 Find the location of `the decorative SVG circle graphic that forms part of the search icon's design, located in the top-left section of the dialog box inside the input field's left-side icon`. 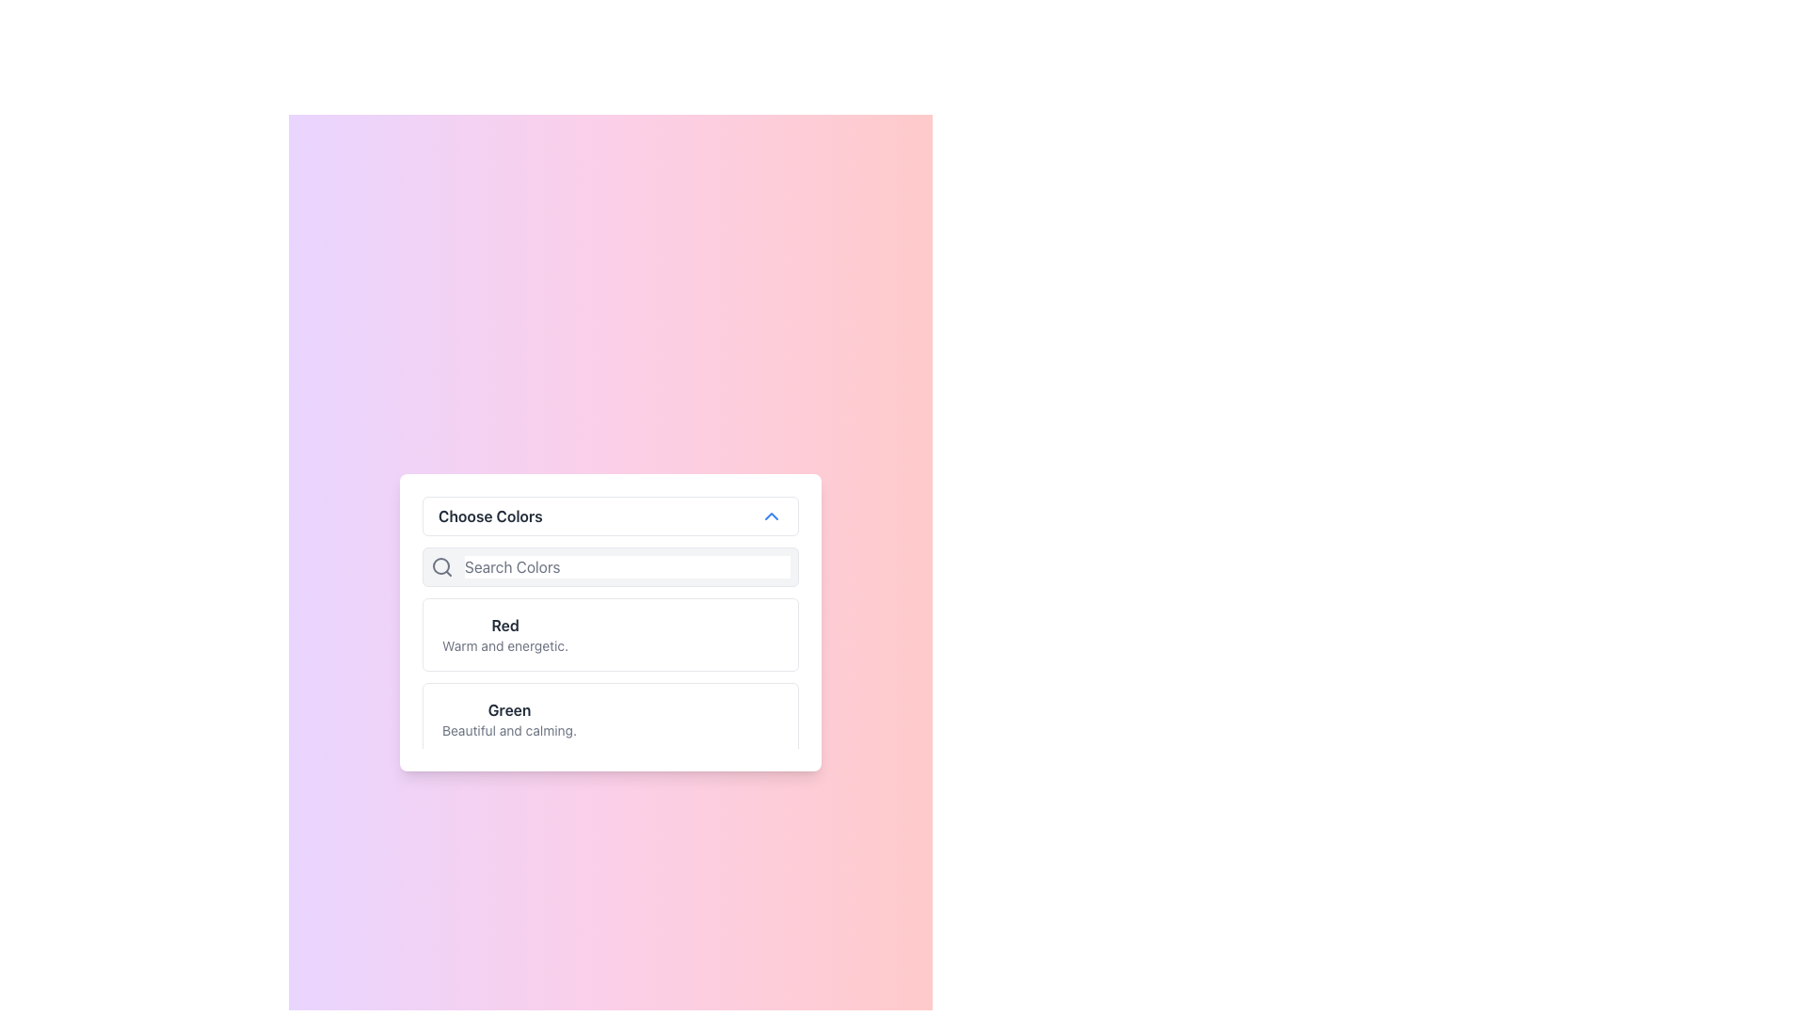

the decorative SVG circle graphic that forms part of the search icon's design, located in the top-left section of the dialog box inside the input field's left-side icon is located at coordinates (440, 564).